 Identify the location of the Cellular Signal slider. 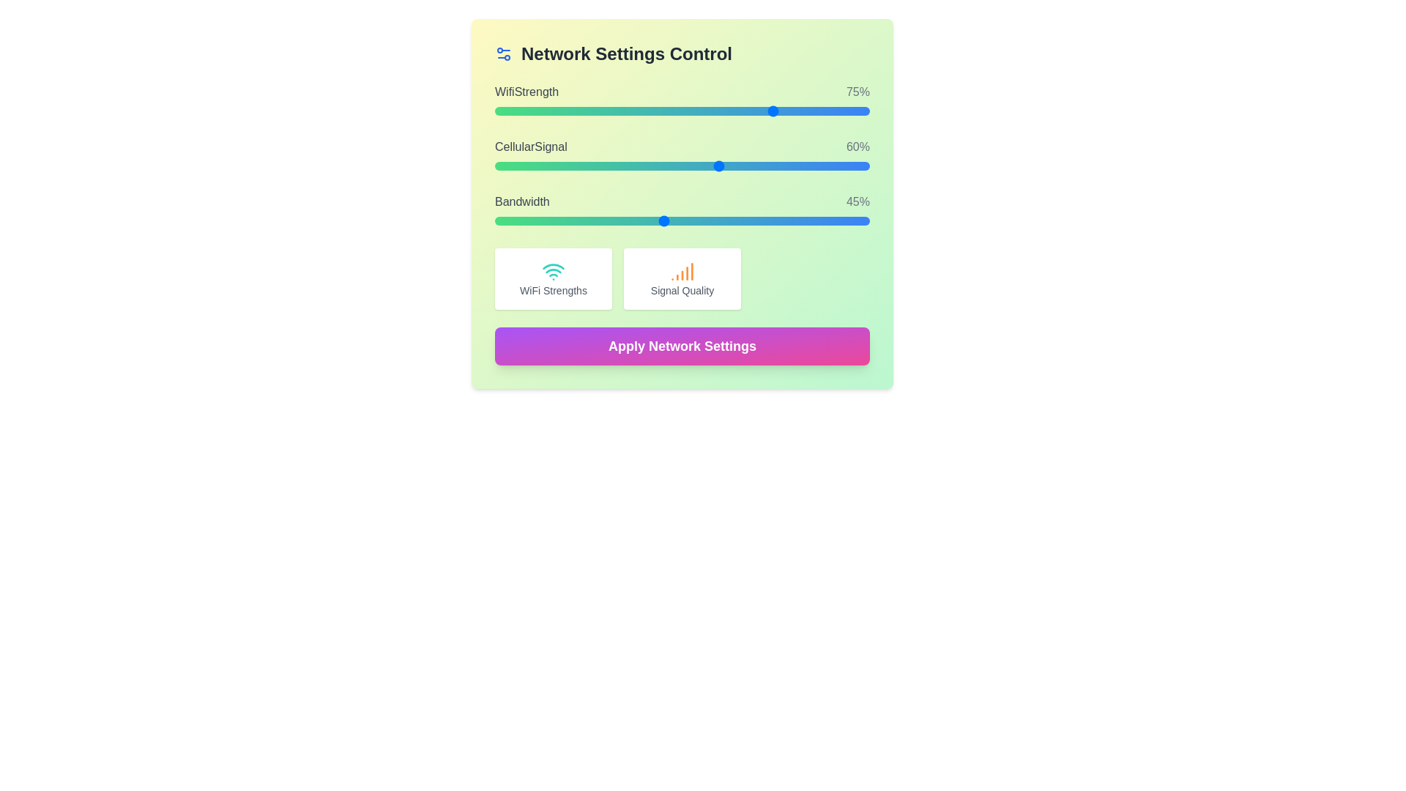
(644, 166).